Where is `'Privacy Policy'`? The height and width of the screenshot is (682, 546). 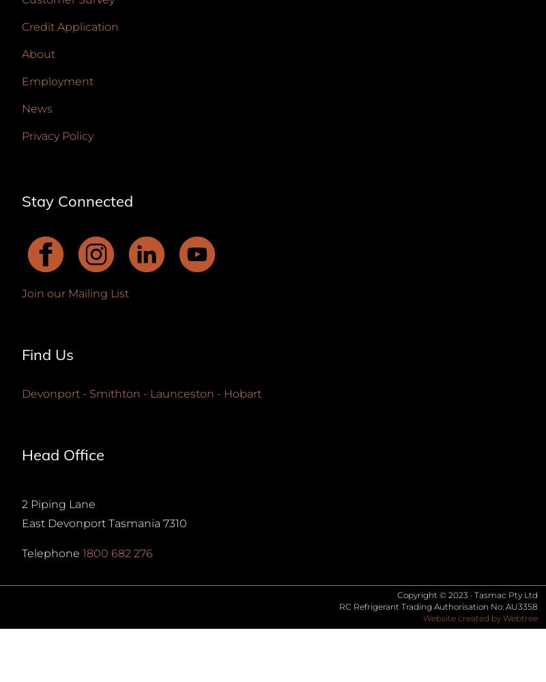 'Privacy Policy' is located at coordinates (57, 134).